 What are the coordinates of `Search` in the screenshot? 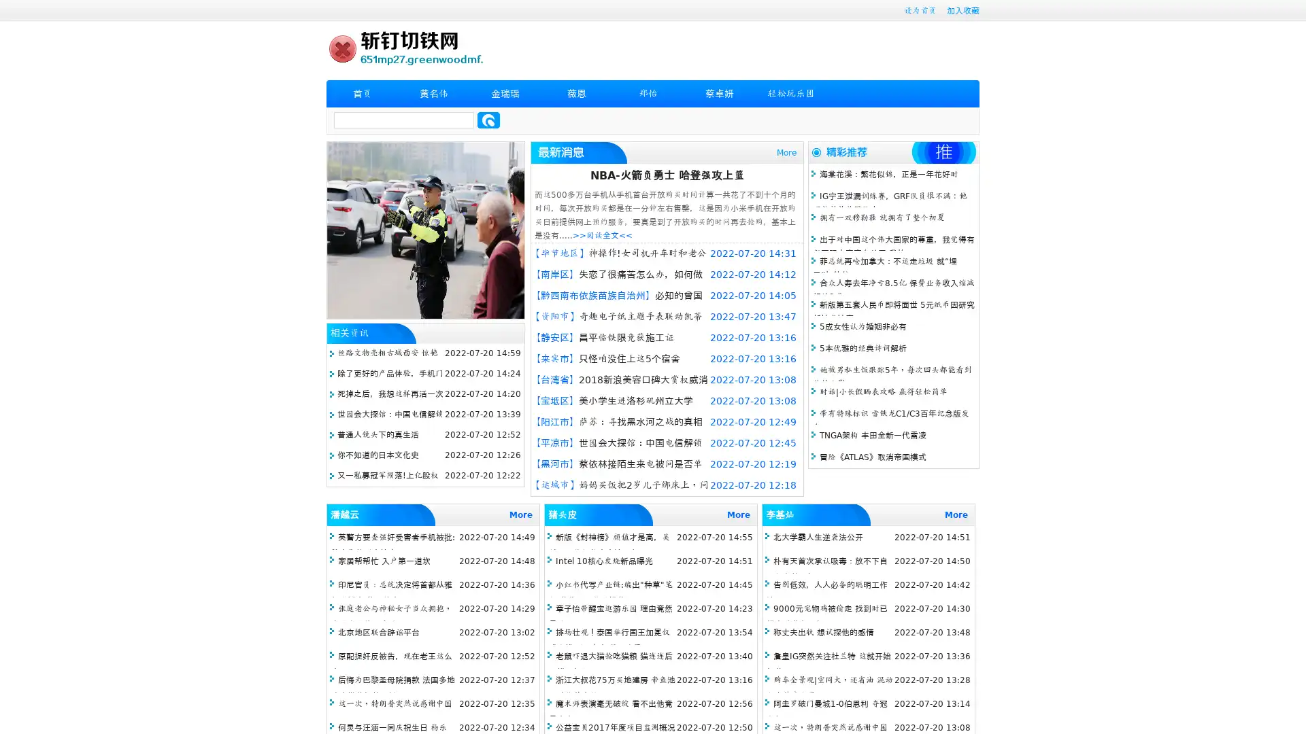 It's located at (488, 120).